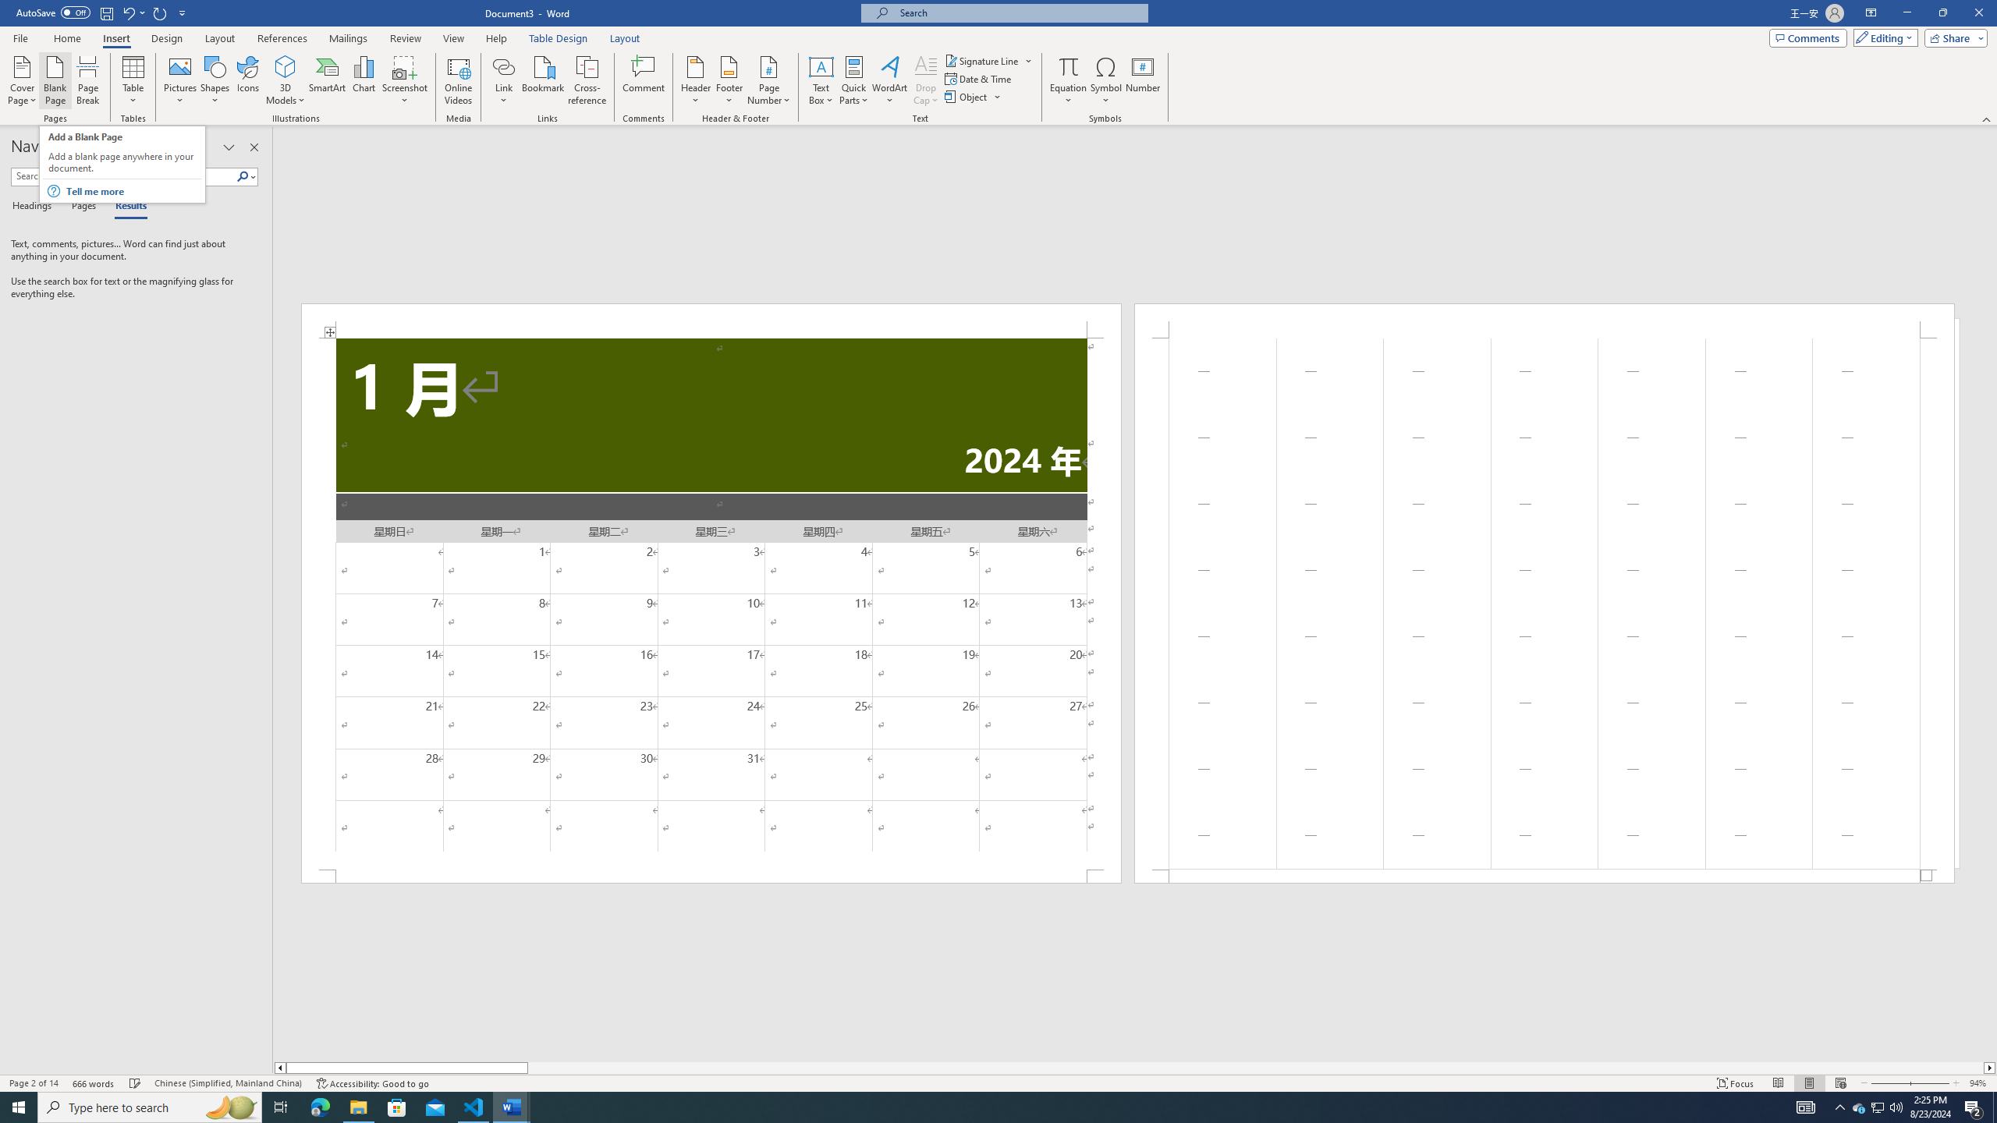 The image size is (1997, 1123). I want to click on 'Text Box', so click(821, 80).